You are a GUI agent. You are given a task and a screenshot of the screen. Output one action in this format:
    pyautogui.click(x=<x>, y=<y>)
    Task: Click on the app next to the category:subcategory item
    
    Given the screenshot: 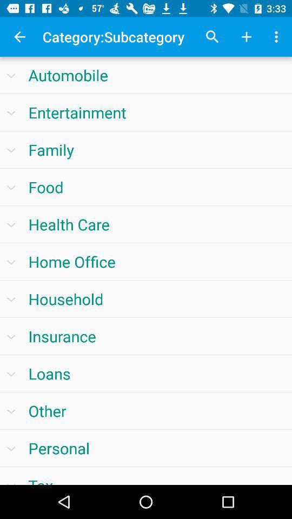 What is the action you would take?
    pyautogui.click(x=19, y=37)
    